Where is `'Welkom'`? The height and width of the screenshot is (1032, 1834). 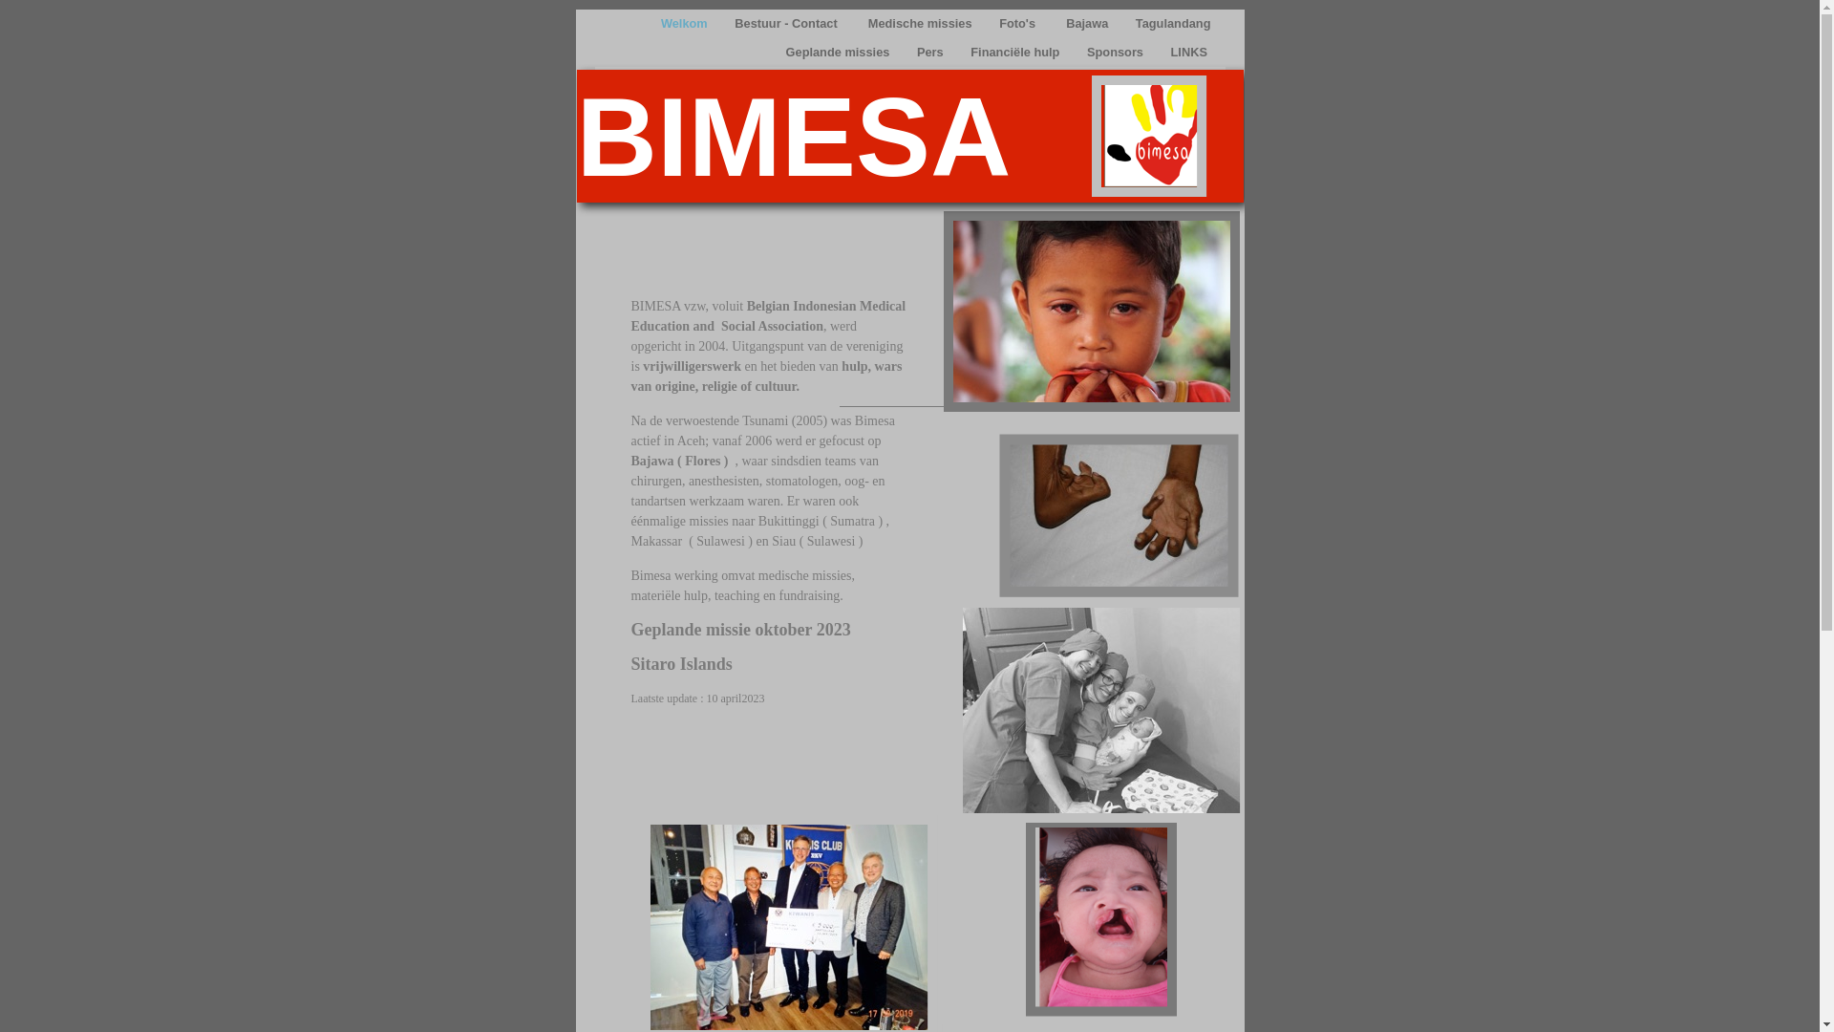
'Welkom' is located at coordinates (686, 23).